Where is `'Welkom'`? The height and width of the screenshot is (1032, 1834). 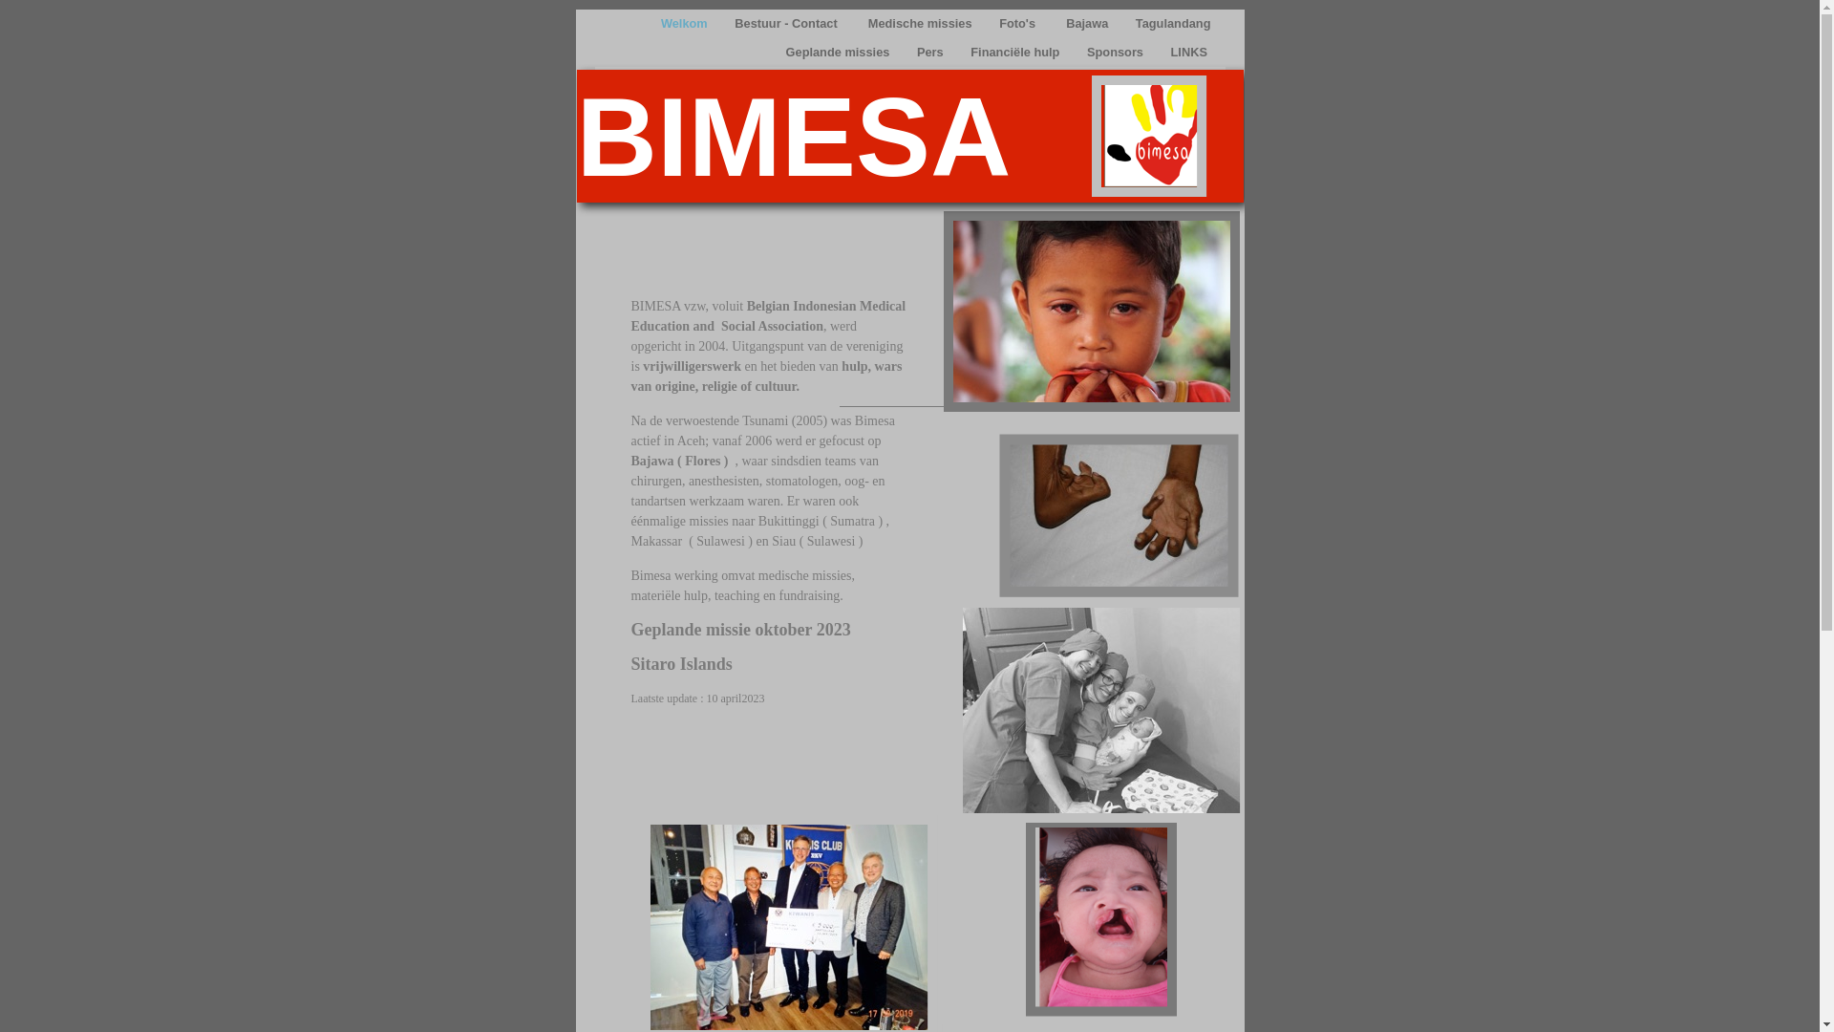
'Welkom' is located at coordinates (686, 23).